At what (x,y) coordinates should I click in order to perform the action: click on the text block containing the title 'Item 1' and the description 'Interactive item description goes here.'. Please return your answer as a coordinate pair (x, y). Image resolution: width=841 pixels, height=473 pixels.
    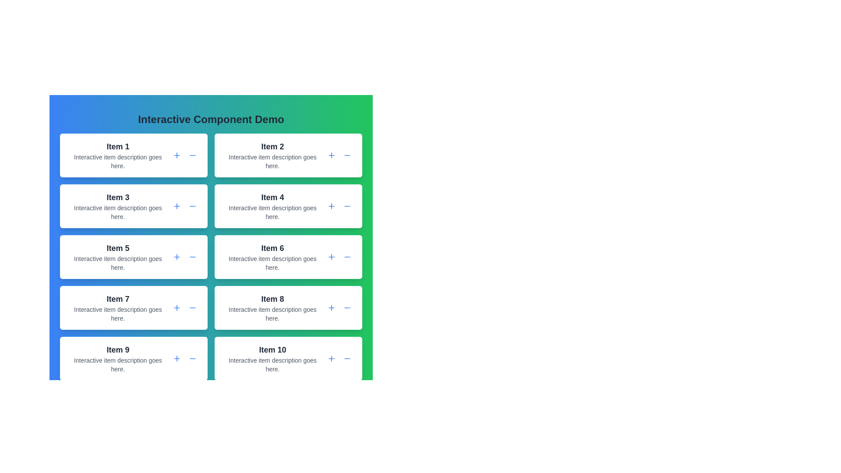
    Looking at the image, I should click on (117, 155).